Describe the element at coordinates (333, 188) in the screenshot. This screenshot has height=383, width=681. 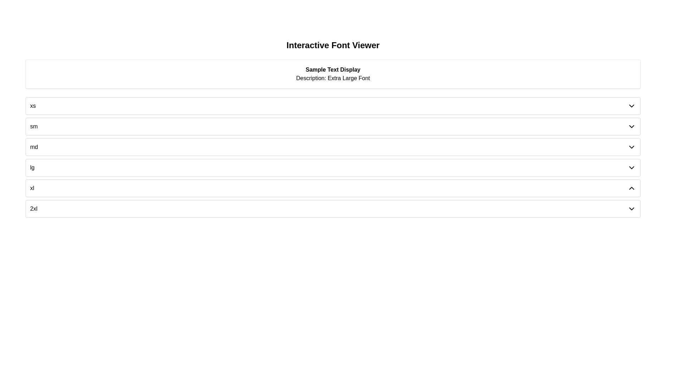
I see `the button labeled 'xl' which is the fifth button in a vertical list, positioned between 'lg' and '2xl'` at that location.